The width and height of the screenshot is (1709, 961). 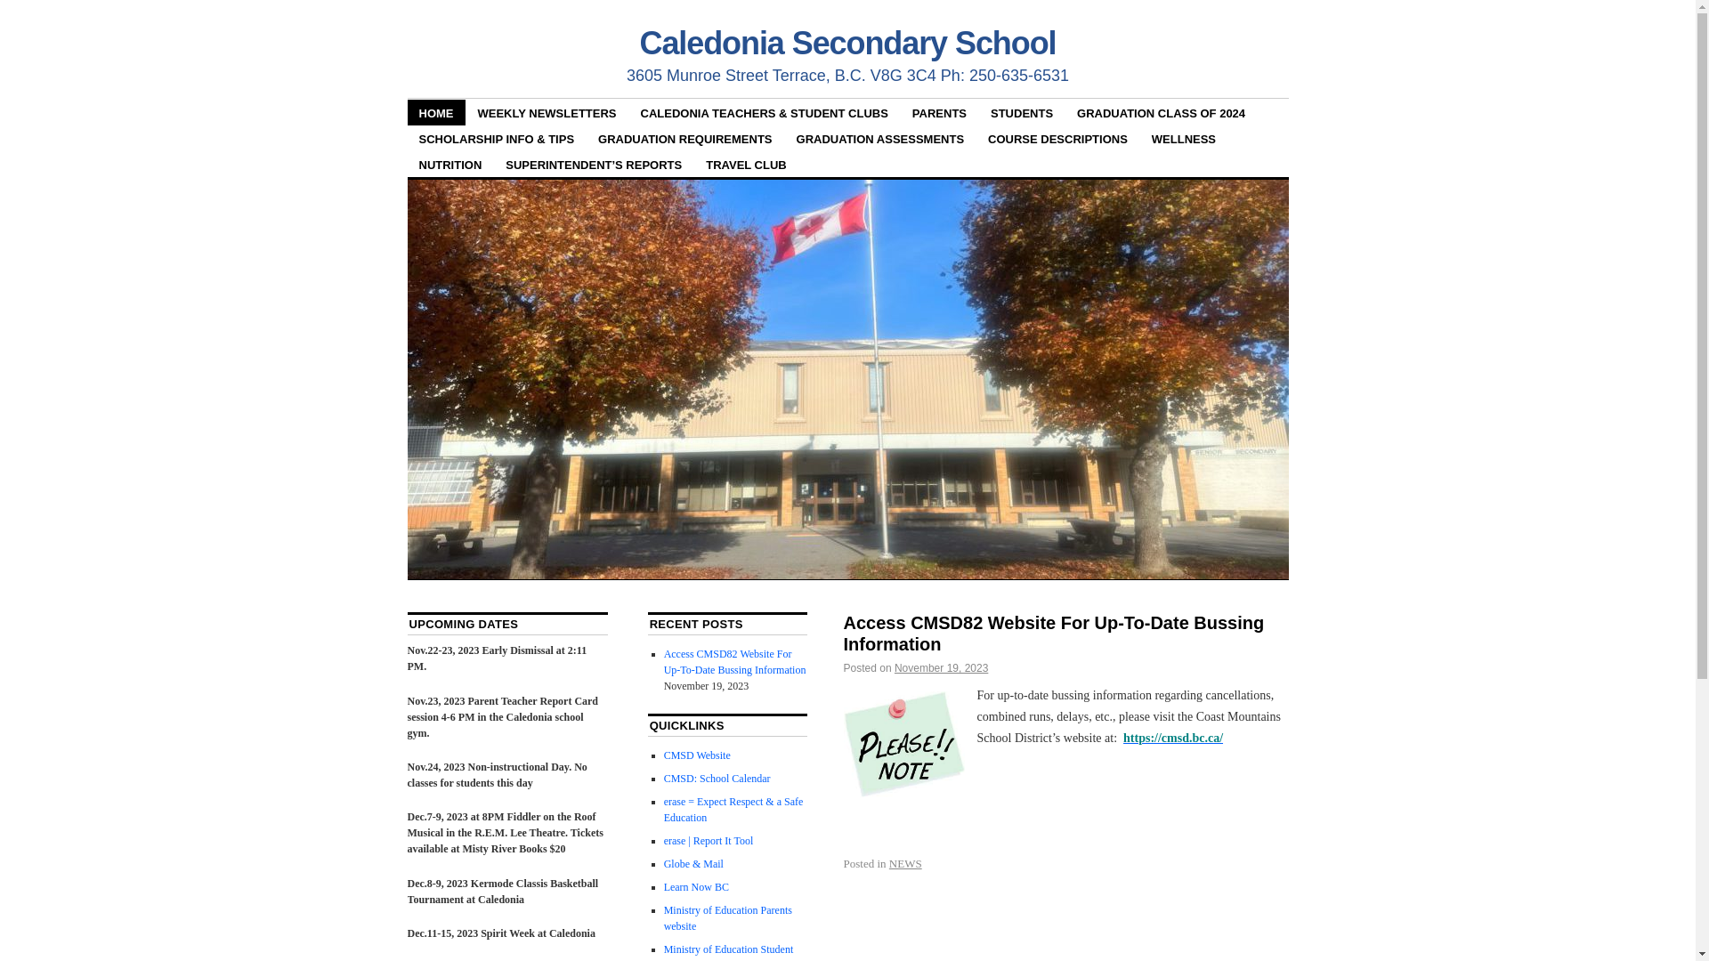 What do you see at coordinates (905, 862) in the screenshot?
I see `'NEWS'` at bounding box center [905, 862].